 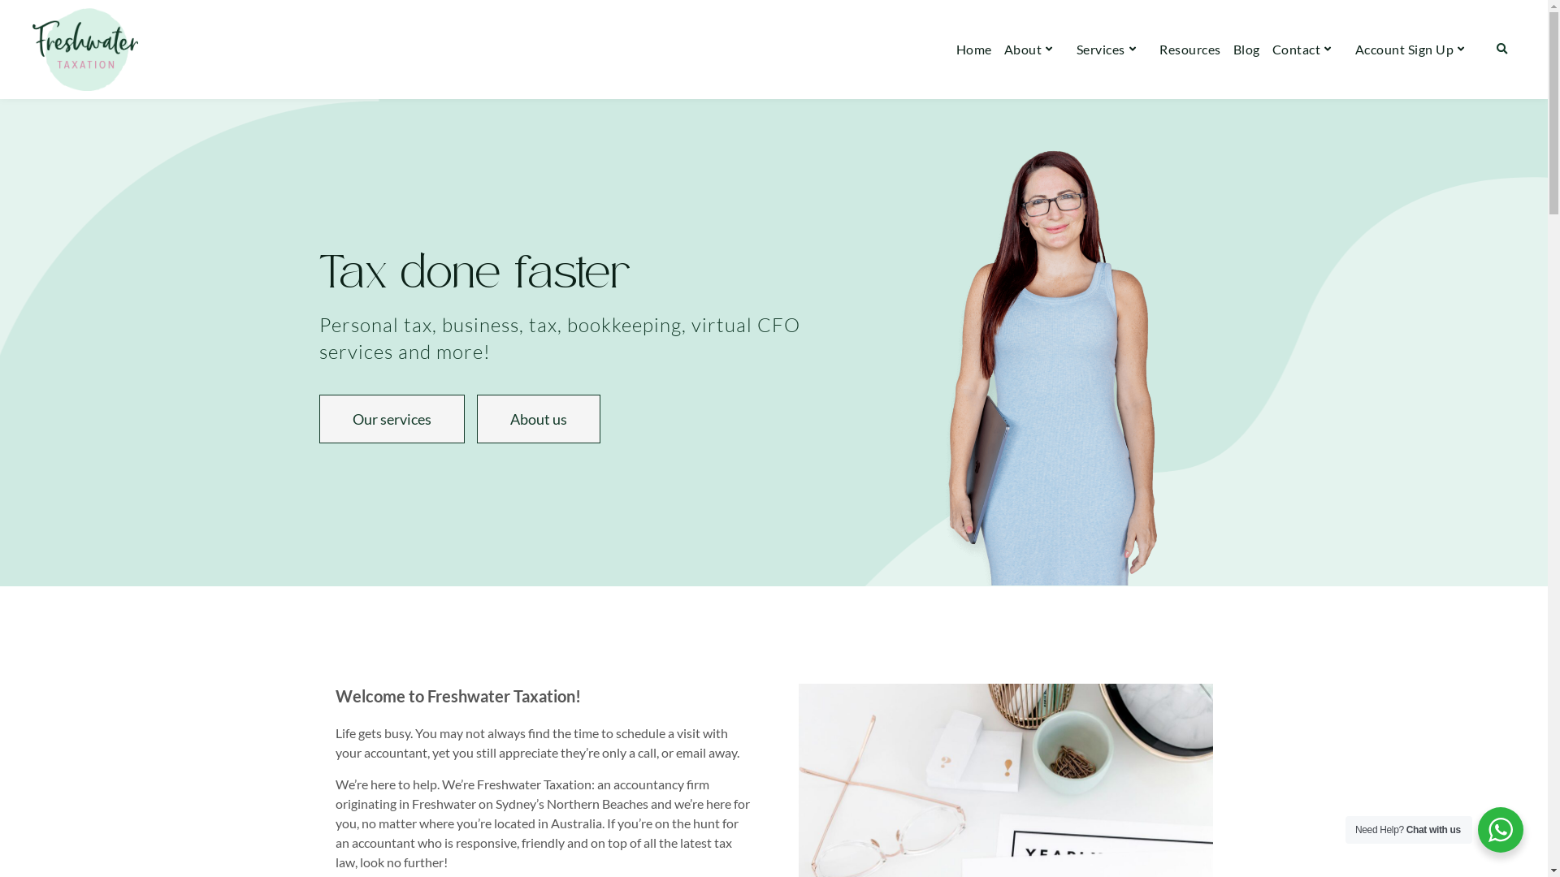 I want to click on 'Contact', so click(x=1271, y=49).